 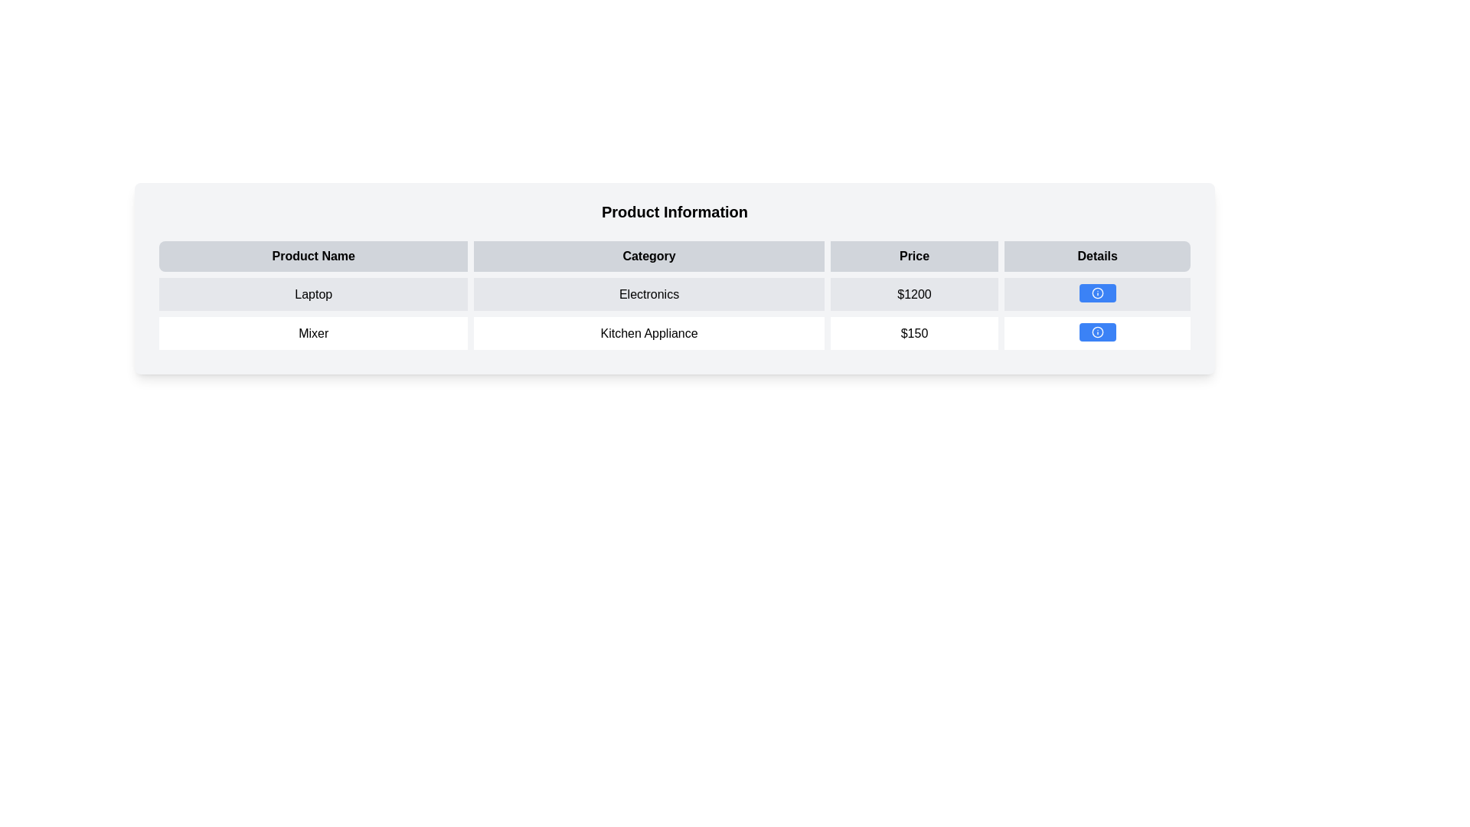 What do you see at coordinates (1096, 332) in the screenshot?
I see `the information icon located in the blue rounded rectangle button in the 'Details' column of the second row of the table` at bounding box center [1096, 332].